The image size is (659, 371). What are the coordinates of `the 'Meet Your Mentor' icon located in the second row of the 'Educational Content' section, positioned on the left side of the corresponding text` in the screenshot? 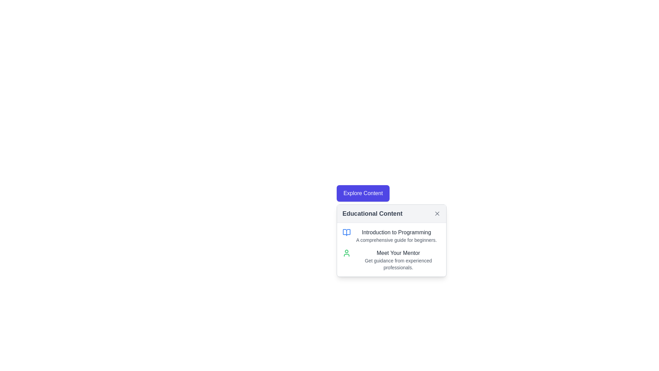 It's located at (346, 253).